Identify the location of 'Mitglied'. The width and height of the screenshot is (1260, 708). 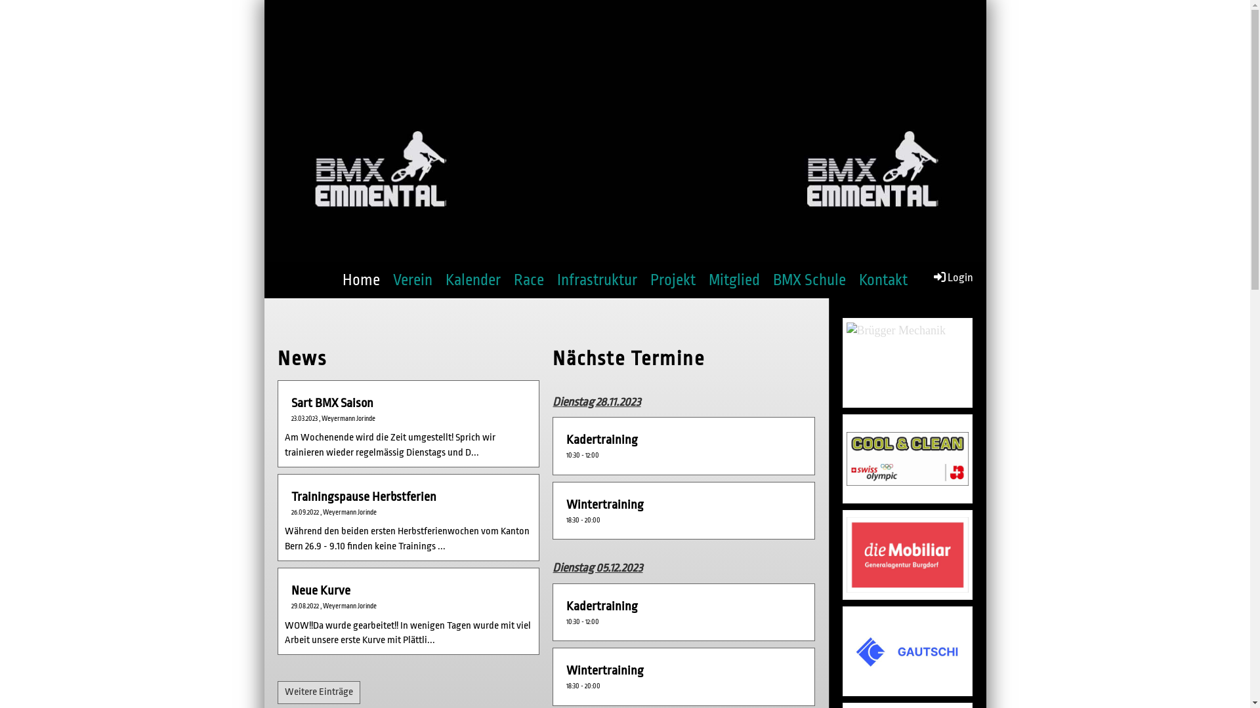
(733, 279).